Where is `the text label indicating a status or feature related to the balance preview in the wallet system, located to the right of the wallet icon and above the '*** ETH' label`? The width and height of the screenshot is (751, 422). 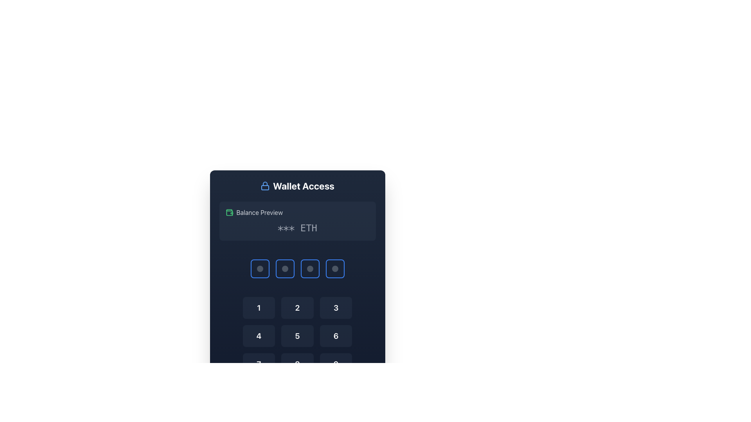
the text label indicating a status or feature related to the balance preview in the wallet system, located to the right of the wallet icon and above the '*** ETH' label is located at coordinates (259, 212).